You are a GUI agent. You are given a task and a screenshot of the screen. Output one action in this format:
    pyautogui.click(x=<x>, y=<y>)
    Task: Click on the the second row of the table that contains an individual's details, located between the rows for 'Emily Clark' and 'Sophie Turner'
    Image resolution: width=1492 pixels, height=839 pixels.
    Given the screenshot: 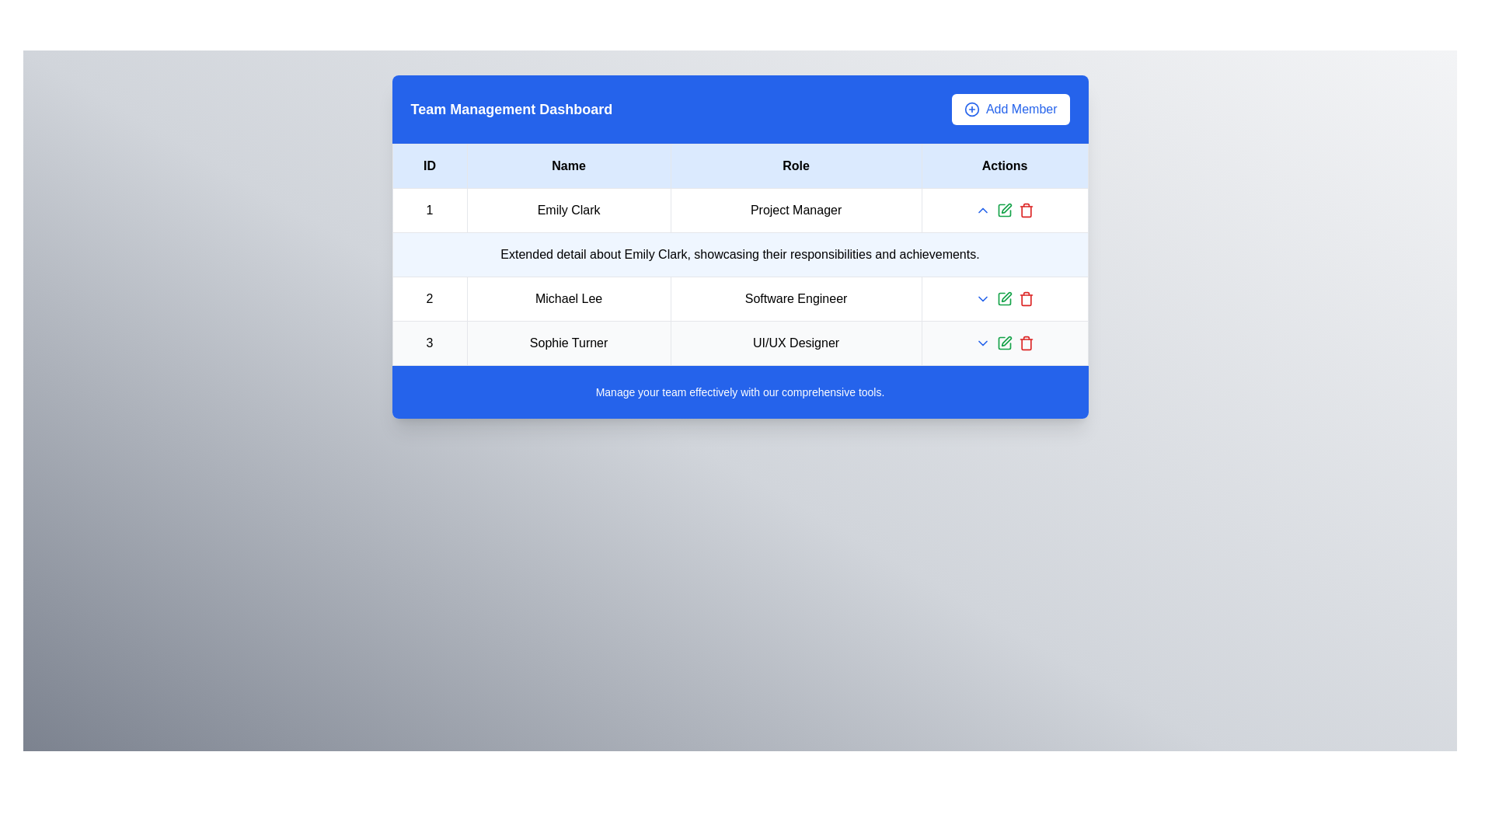 What is the action you would take?
    pyautogui.click(x=739, y=299)
    